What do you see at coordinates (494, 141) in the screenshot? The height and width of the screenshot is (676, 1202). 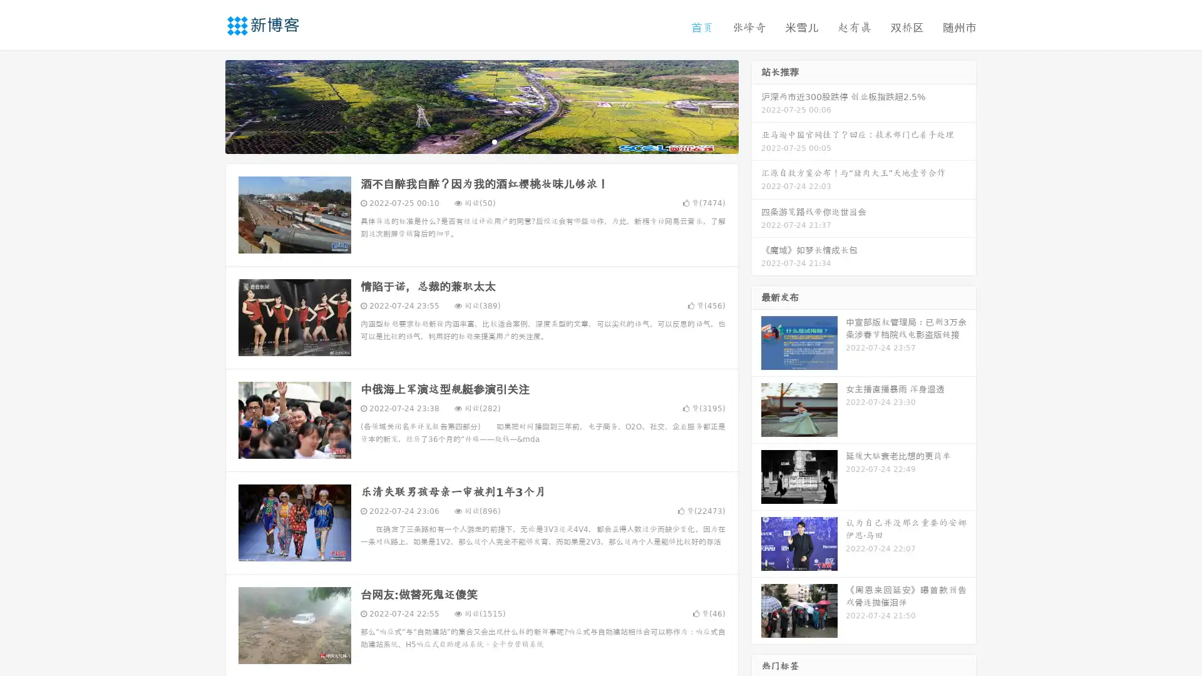 I see `Go to slide 3` at bounding box center [494, 141].